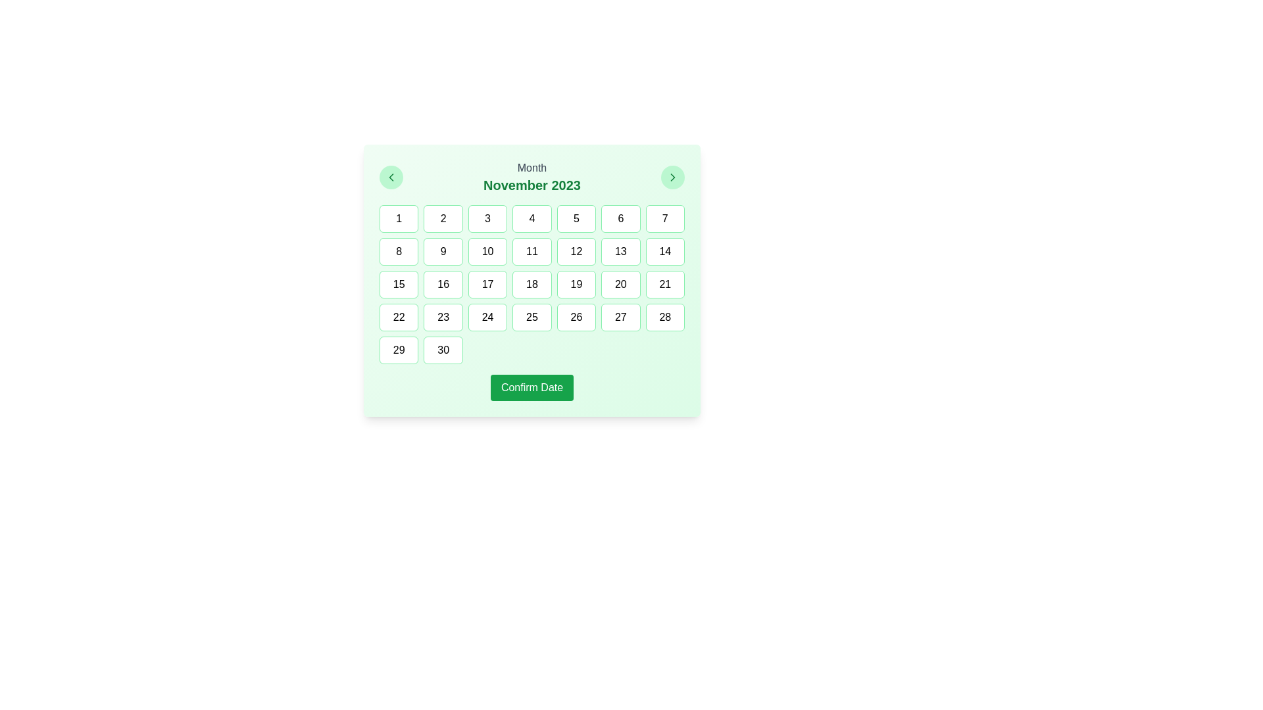  What do you see at coordinates (576, 317) in the screenshot?
I see `the rectangular button with rounded corners displaying '26', which is located in the fourth row and fifth column of the grid` at bounding box center [576, 317].